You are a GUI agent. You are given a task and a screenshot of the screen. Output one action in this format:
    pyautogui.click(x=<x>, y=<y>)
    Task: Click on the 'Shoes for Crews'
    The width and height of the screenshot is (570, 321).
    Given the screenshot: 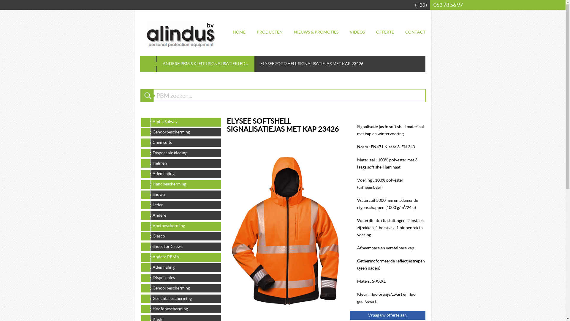 What is the action you would take?
    pyautogui.click(x=180, y=246)
    